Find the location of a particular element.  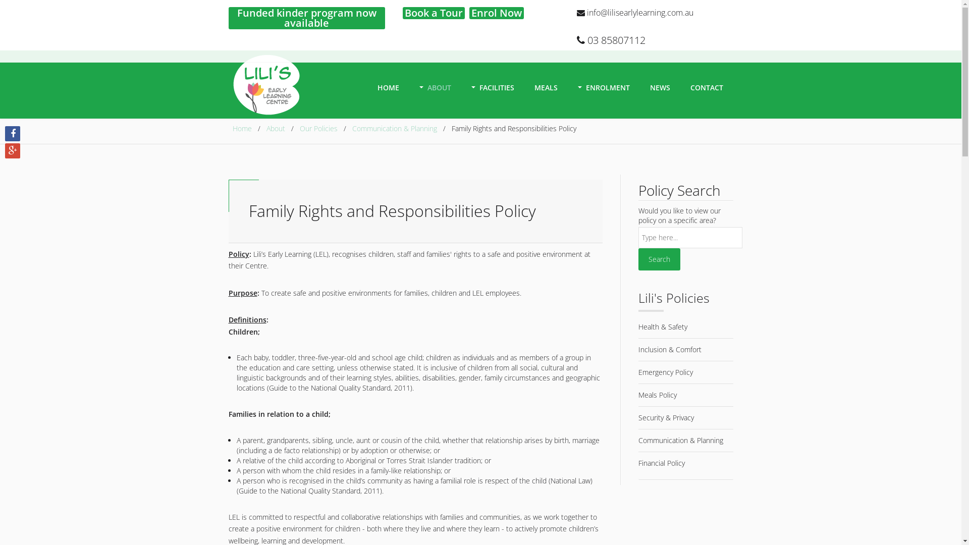

'Communication & Planning' is located at coordinates (638, 440).